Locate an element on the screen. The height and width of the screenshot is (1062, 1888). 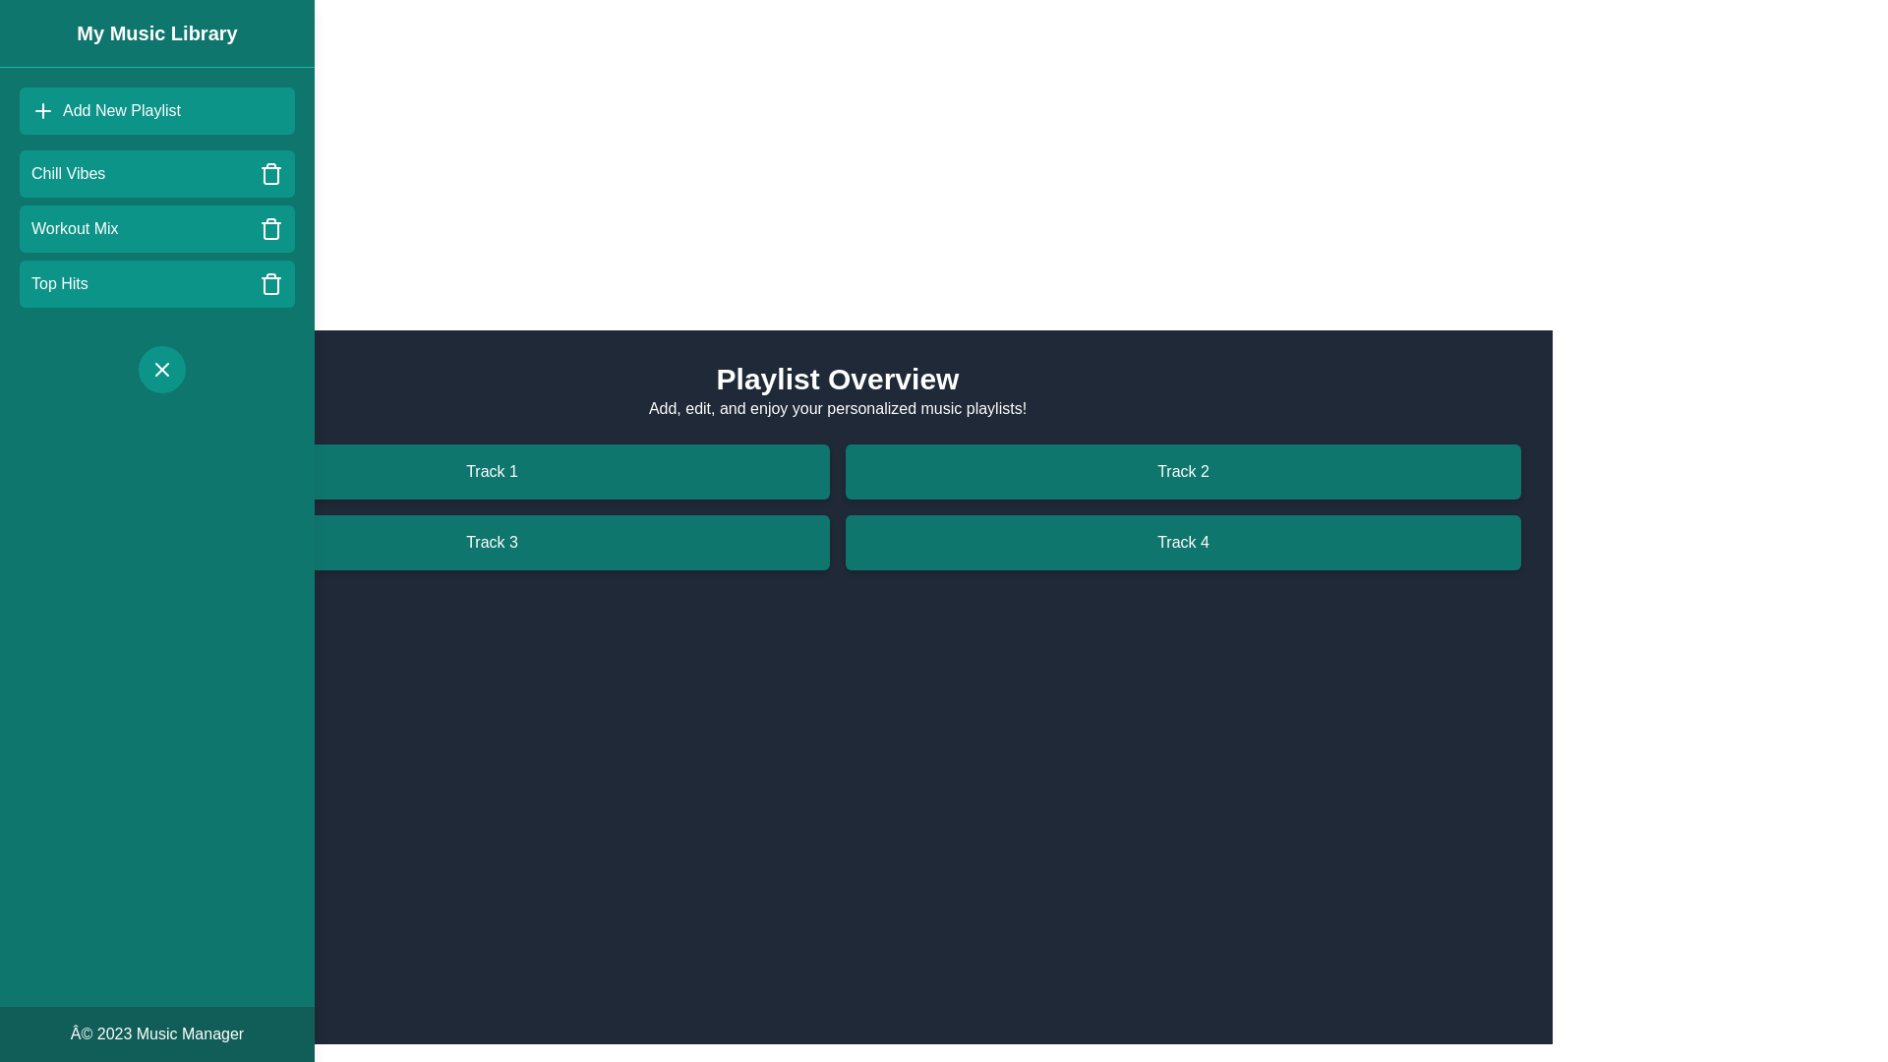
the 'Top Hits' playlist button in the left sidebar is located at coordinates (155, 284).